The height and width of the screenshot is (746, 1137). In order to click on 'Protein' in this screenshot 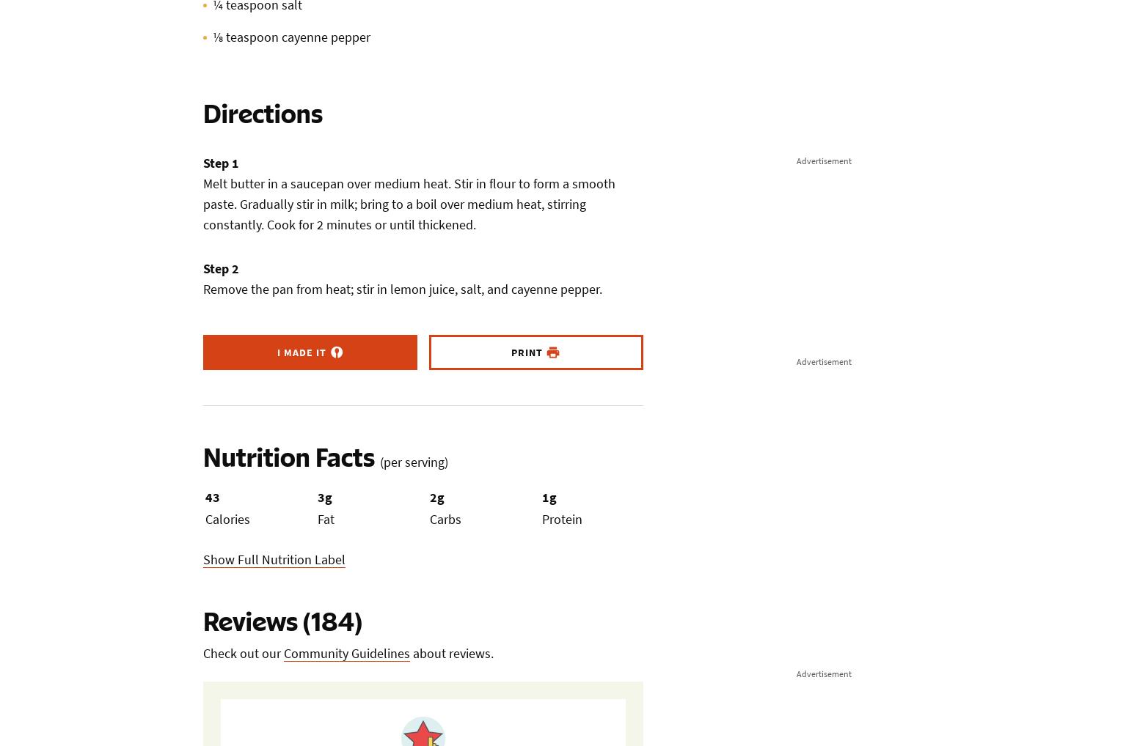, I will do `click(562, 519)`.